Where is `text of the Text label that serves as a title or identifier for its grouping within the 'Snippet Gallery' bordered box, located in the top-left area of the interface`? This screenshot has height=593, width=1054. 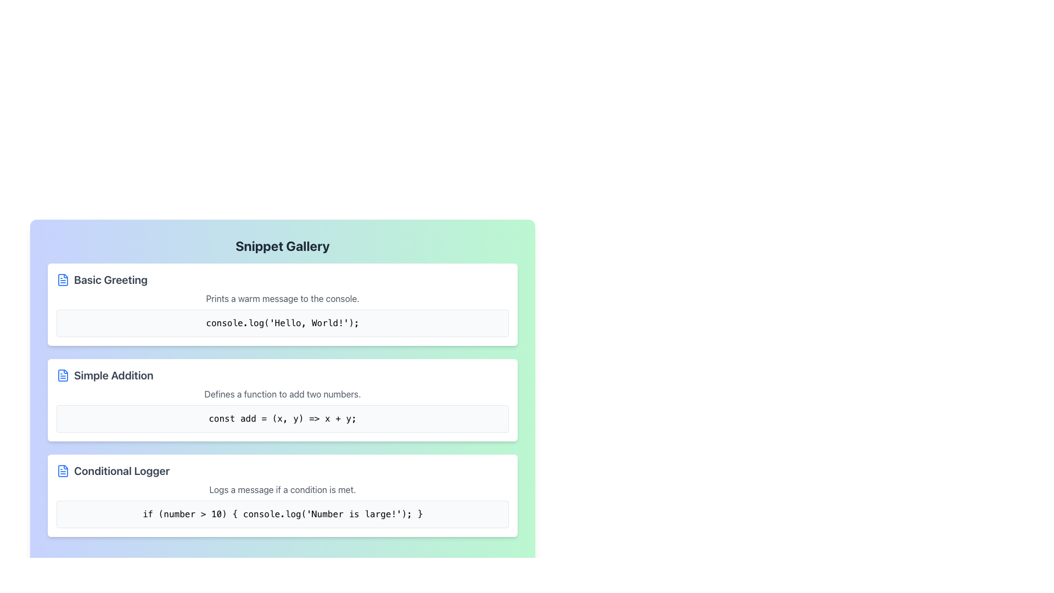 text of the Text label that serves as a title or identifier for its grouping within the 'Snippet Gallery' bordered box, located in the top-left area of the interface is located at coordinates (110, 279).